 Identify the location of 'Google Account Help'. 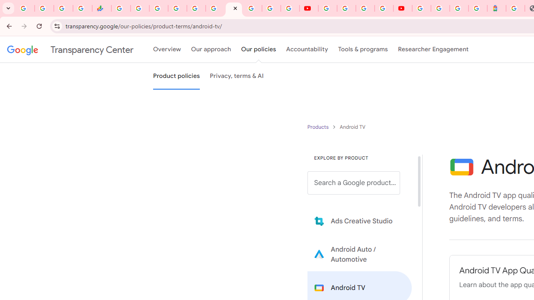
(346, 8).